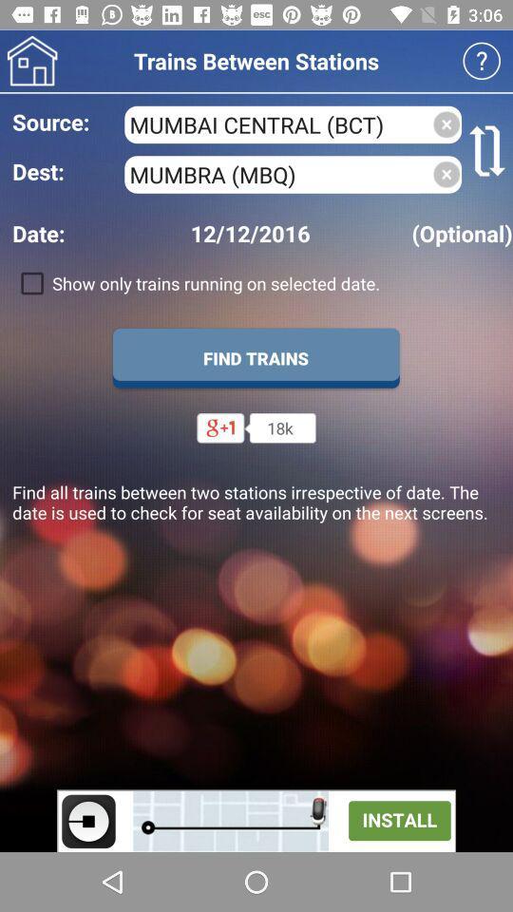 This screenshot has width=513, height=912. Describe the element at coordinates (446, 174) in the screenshot. I see `the close icon` at that location.